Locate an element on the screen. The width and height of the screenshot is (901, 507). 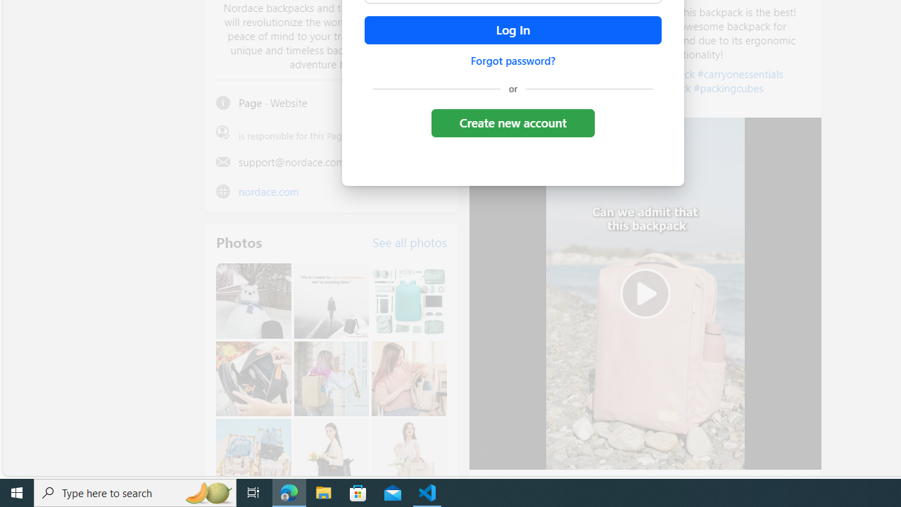
'Create new account' is located at coordinates (512, 122).